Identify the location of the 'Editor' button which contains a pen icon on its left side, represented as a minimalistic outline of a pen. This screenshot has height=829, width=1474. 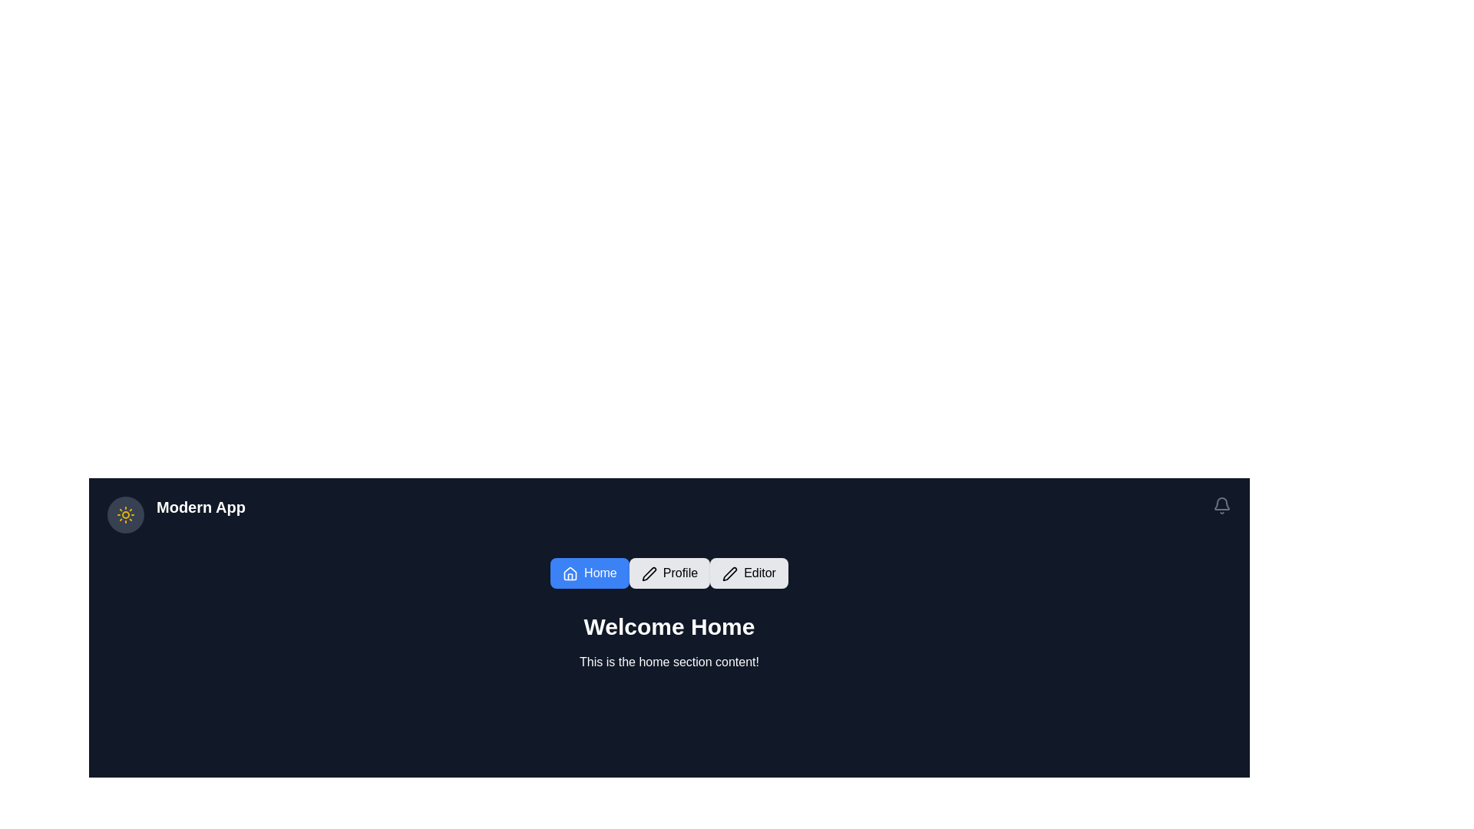
(729, 573).